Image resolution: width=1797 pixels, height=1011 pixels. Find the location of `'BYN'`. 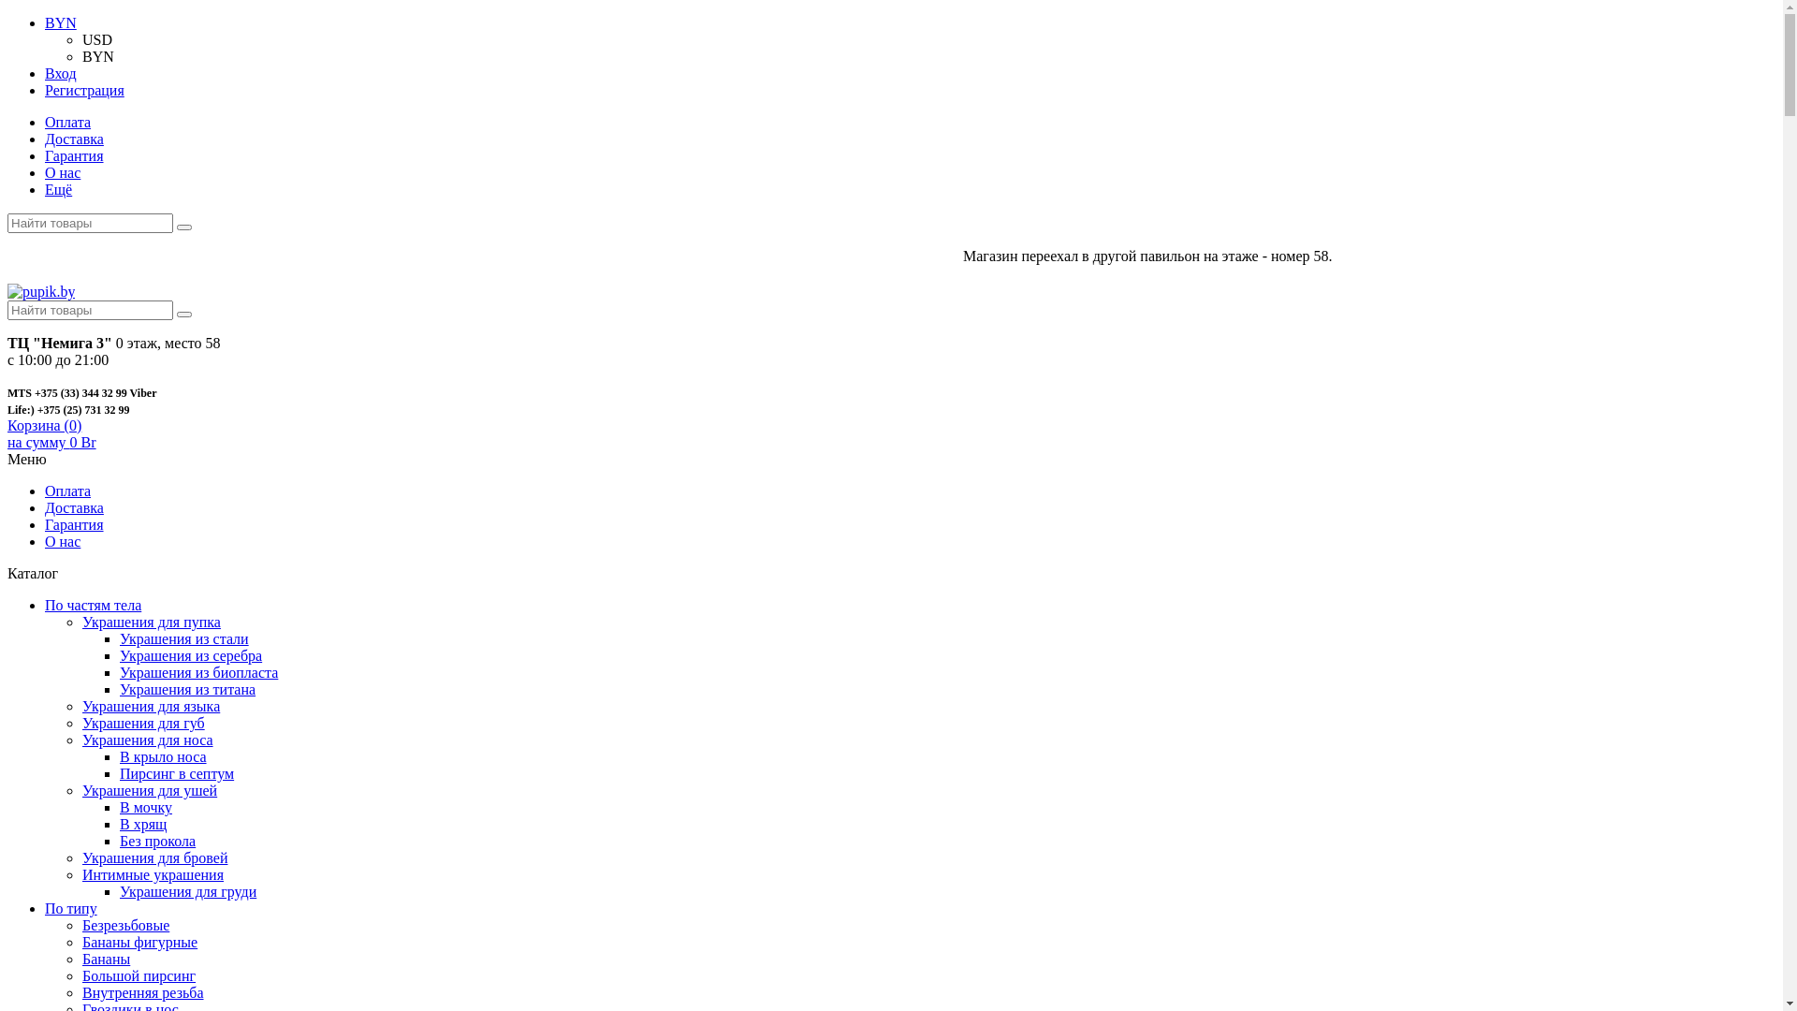

'BYN' is located at coordinates (80, 55).